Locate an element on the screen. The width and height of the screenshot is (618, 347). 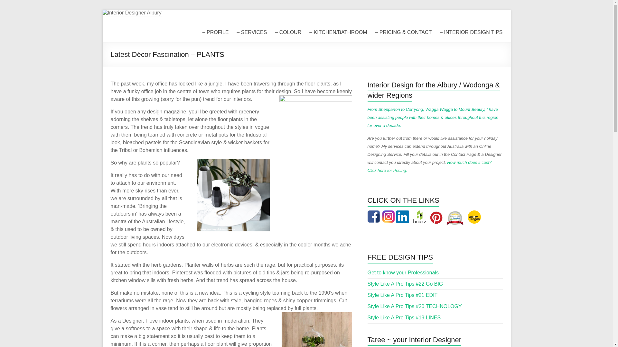
'  ' is located at coordinates (437, 214).